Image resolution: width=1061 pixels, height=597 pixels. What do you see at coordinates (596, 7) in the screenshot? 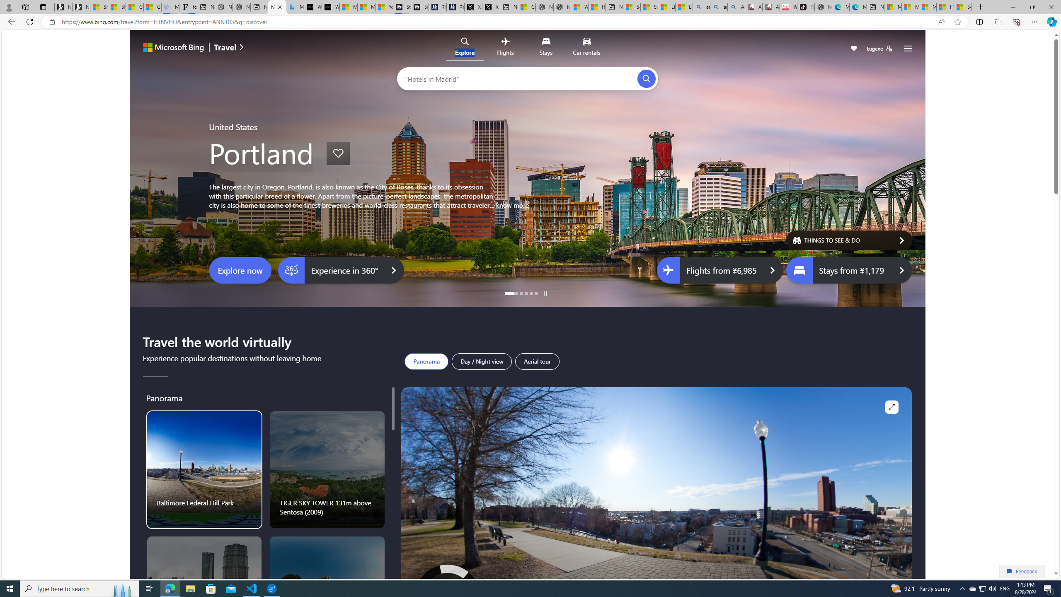
I see `'Huge shark washes ashore at New York City beach | Watch'` at bounding box center [596, 7].